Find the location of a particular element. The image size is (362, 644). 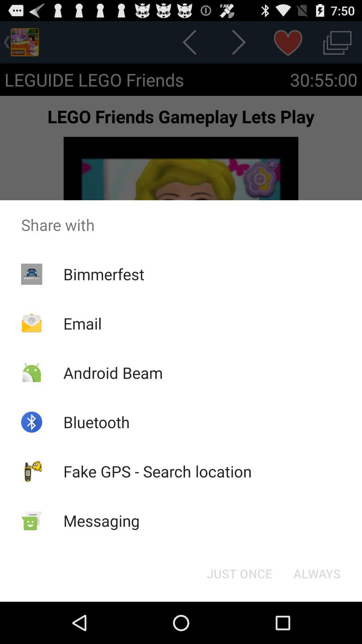

the fake gps search is located at coordinates (158, 471).